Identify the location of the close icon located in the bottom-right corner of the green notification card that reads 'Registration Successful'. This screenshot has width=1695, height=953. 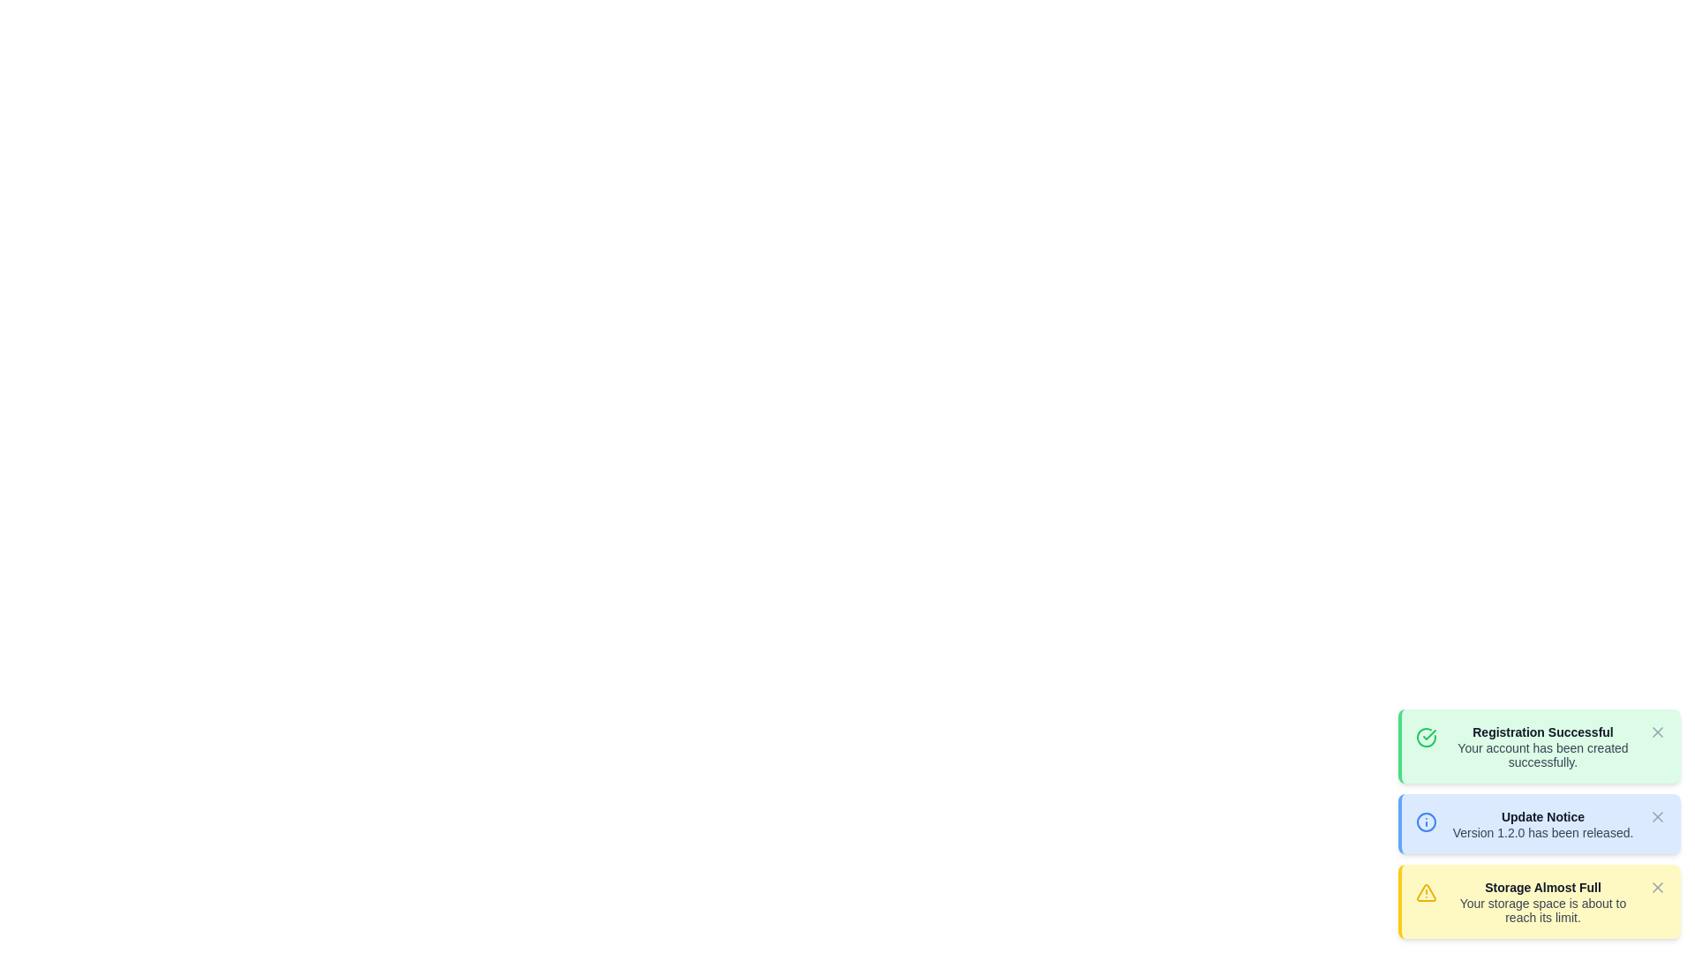
(1656, 732).